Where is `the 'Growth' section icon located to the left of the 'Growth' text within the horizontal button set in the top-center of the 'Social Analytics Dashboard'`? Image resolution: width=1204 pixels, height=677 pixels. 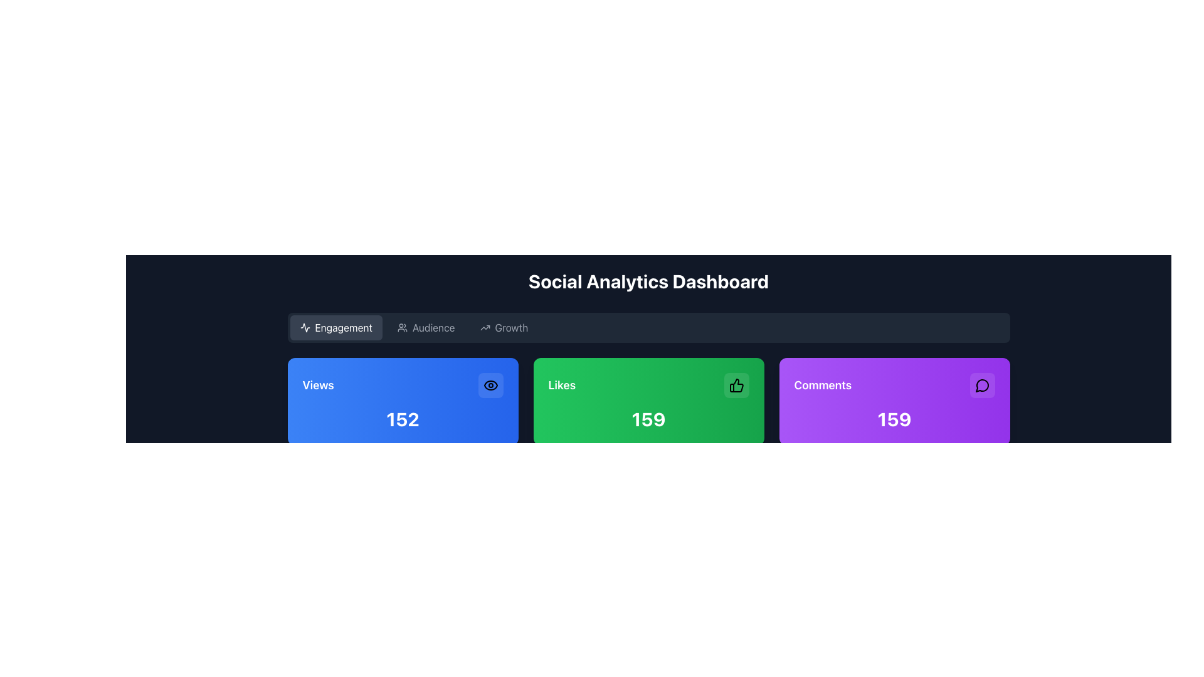 the 'Growth' section icon located to the left of the 'Growth' text within the horizontal button set in the top-center of the 'Social Analytics Dashboard' is located at coordinates (484, 327).